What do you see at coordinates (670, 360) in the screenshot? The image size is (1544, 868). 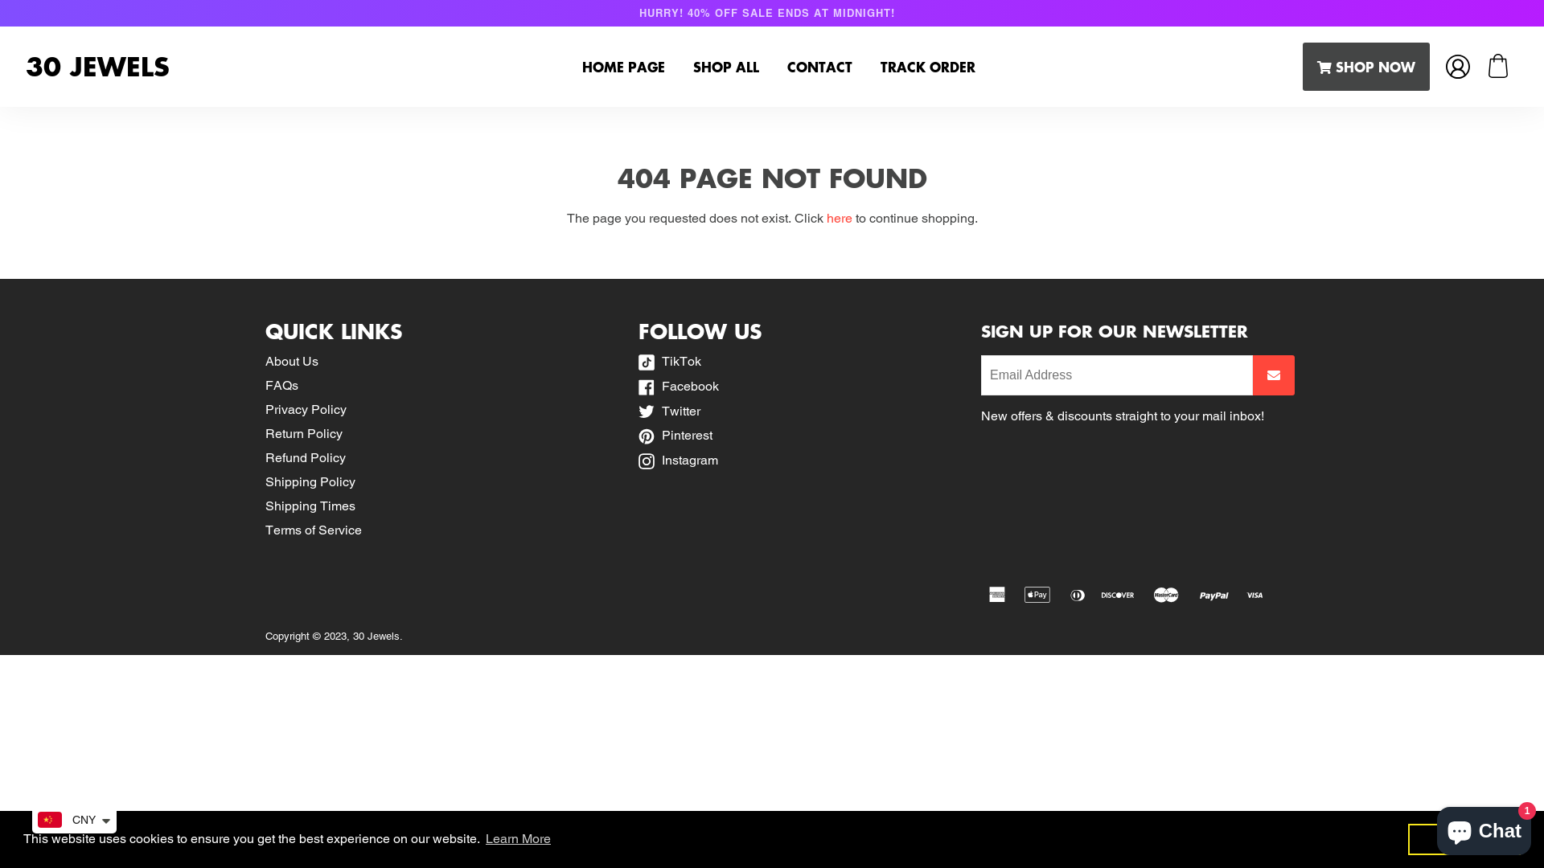 I see `'TikTok'` at bounding box center [670, 360].